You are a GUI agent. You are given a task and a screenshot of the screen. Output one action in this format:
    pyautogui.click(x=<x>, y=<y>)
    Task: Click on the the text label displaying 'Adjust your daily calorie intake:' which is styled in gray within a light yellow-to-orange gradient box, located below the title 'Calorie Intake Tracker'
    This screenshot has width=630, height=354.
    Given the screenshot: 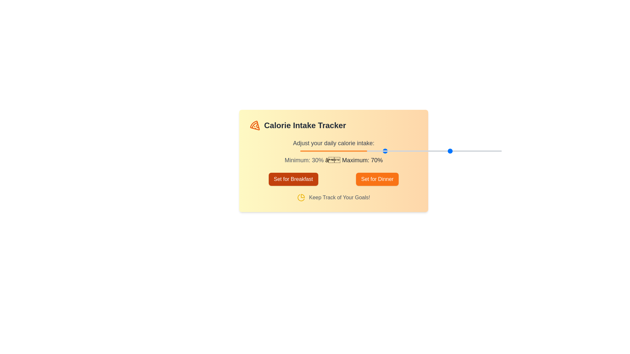 What is the action you would take?
    pyautogui.click(x=334, y=143)
    